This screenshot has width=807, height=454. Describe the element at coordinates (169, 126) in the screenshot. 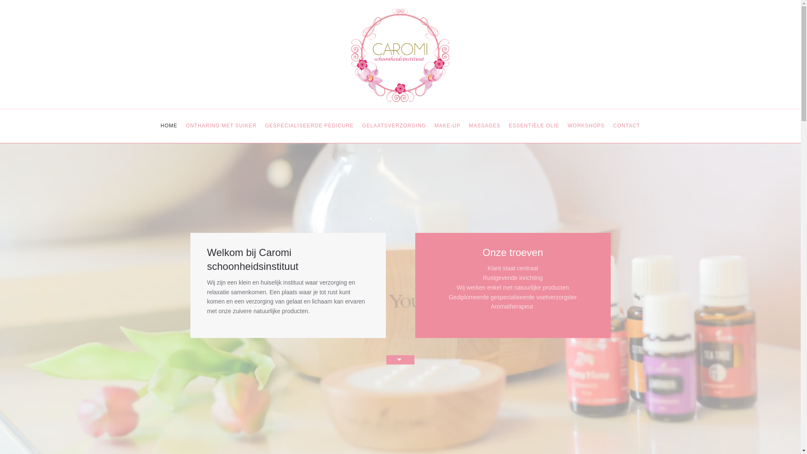

I see `'HOME'` at that location.